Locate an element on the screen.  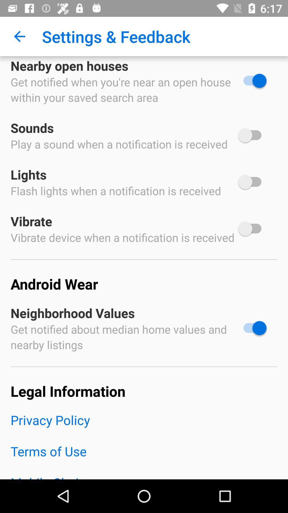
notification on is located at coordinates (252, 328).